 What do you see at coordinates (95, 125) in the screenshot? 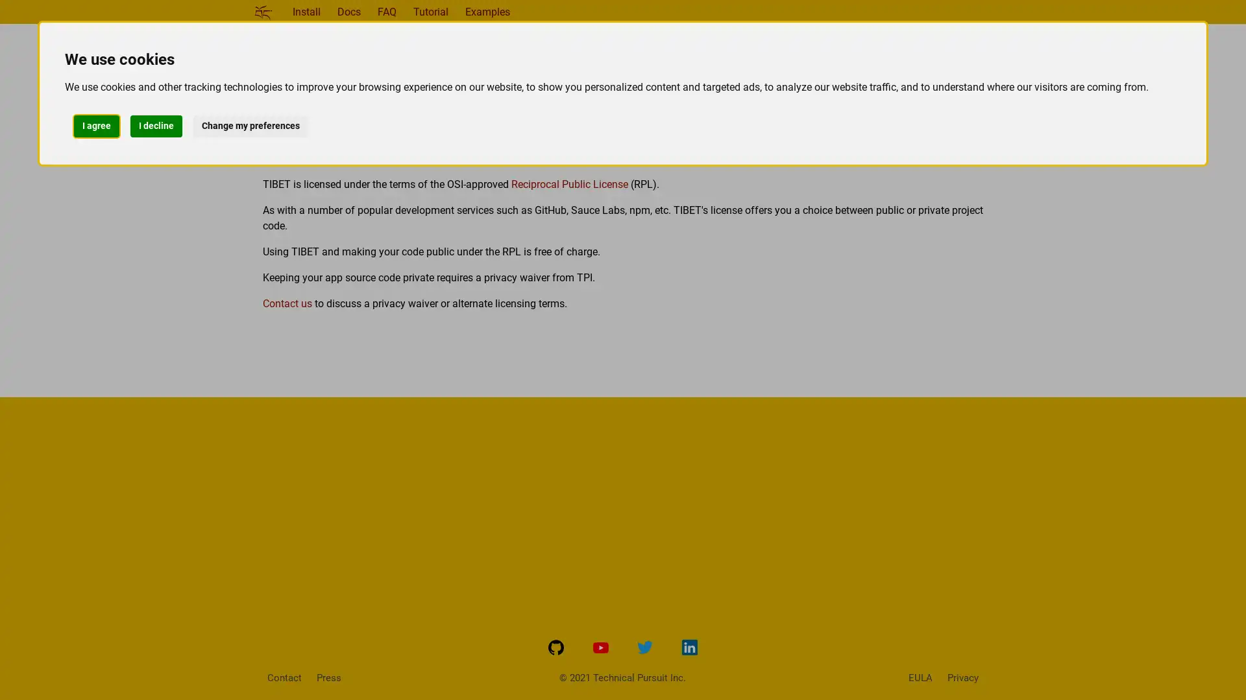
I see `I agree` at bounding box center [95, 125].